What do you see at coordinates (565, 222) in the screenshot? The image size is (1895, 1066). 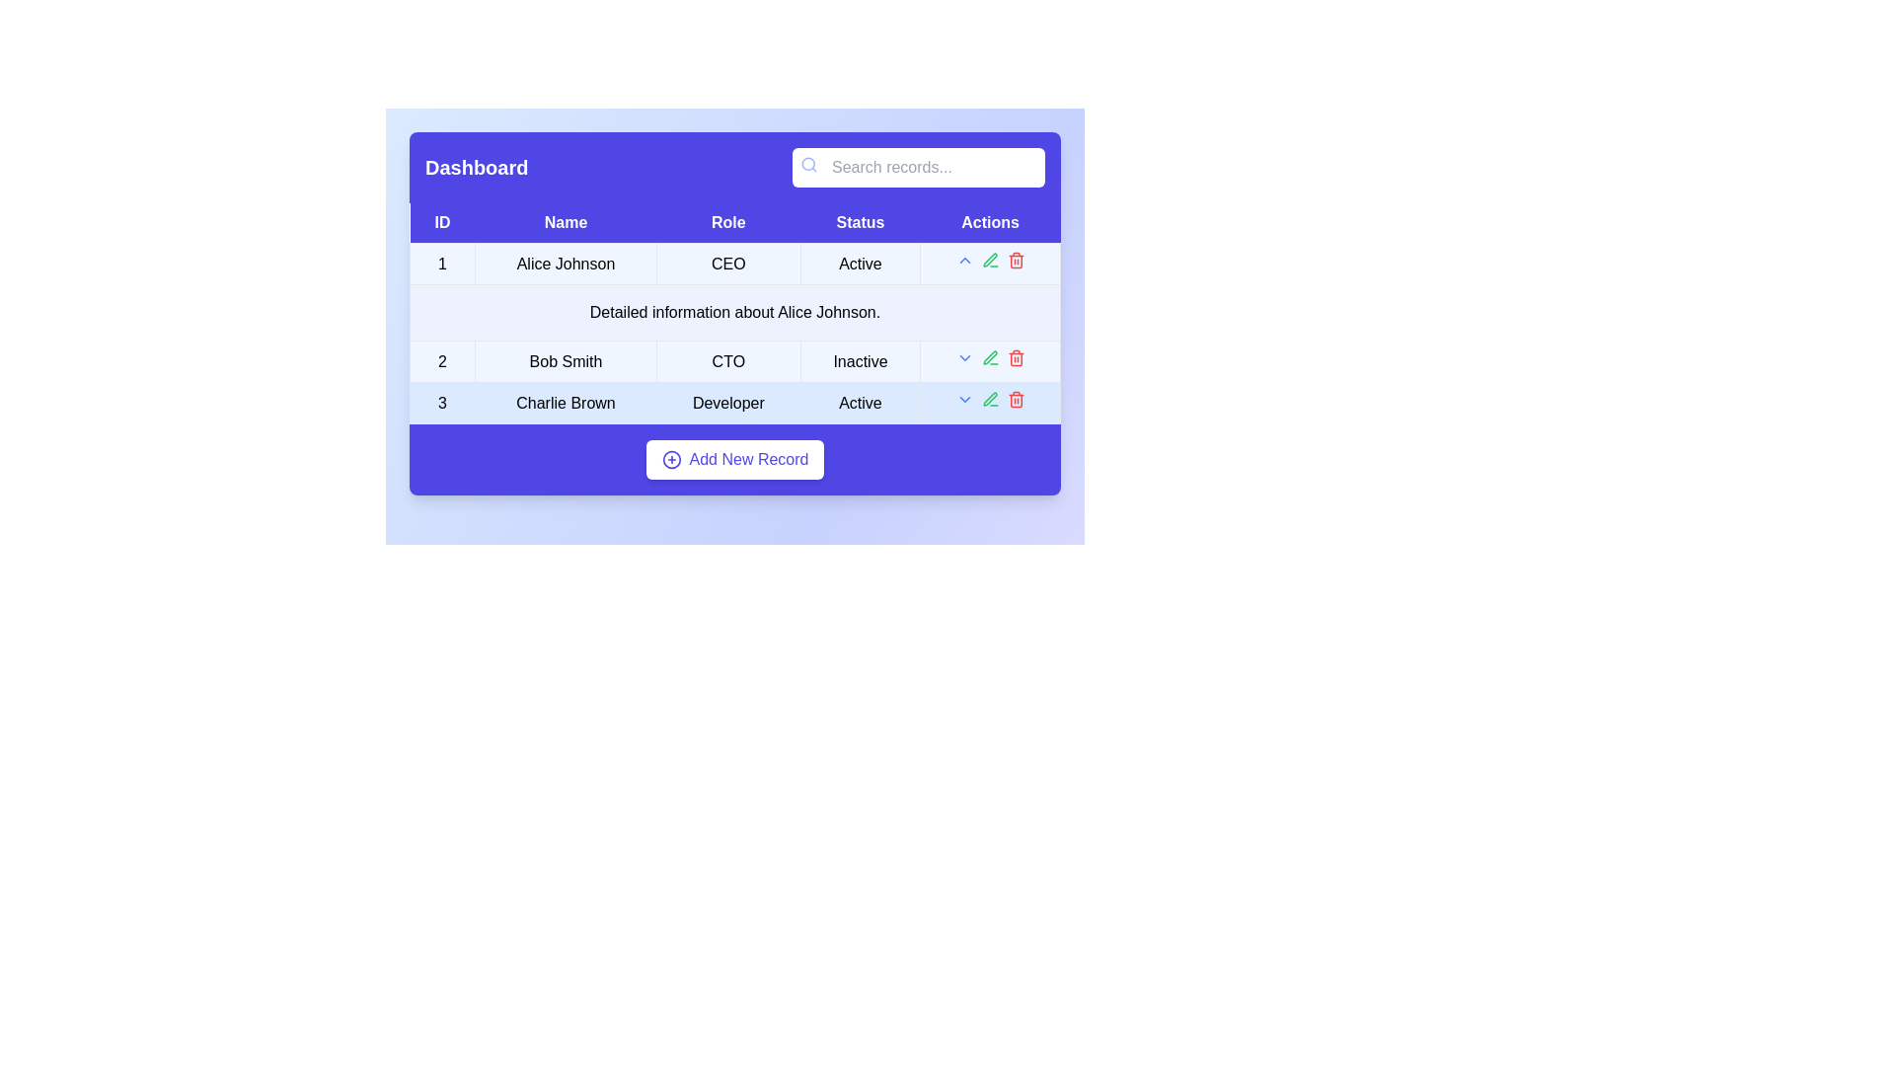 I see `the text label that identifies the column containing names in the table, which is positioned between the 'ID' and 'Role' labels` at bounding box center [565, 222].